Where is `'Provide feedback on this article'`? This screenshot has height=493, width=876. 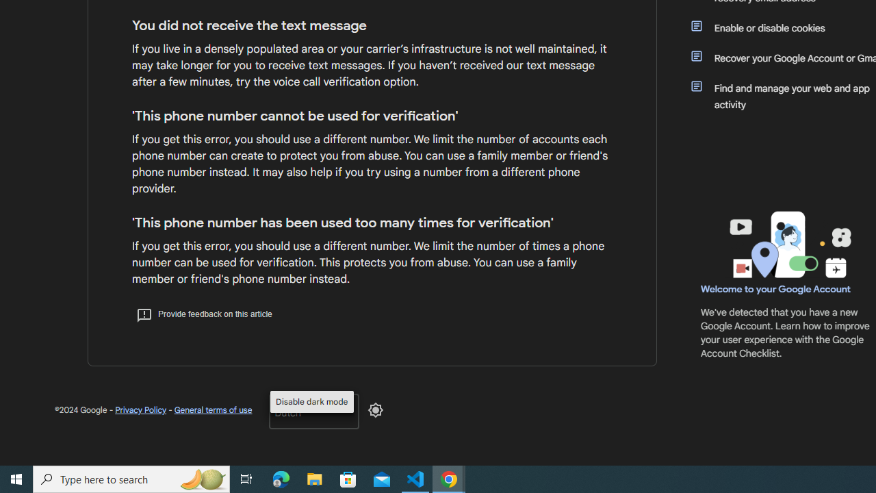 'Provide feedback on this article' is located at coordinates (203, 314).